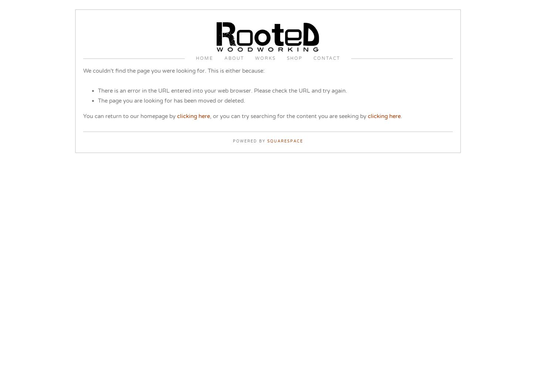 The image size is (536, 369). Describe the element at coordinates (234, 58) in the screenshot. I see `'about'` at that location.